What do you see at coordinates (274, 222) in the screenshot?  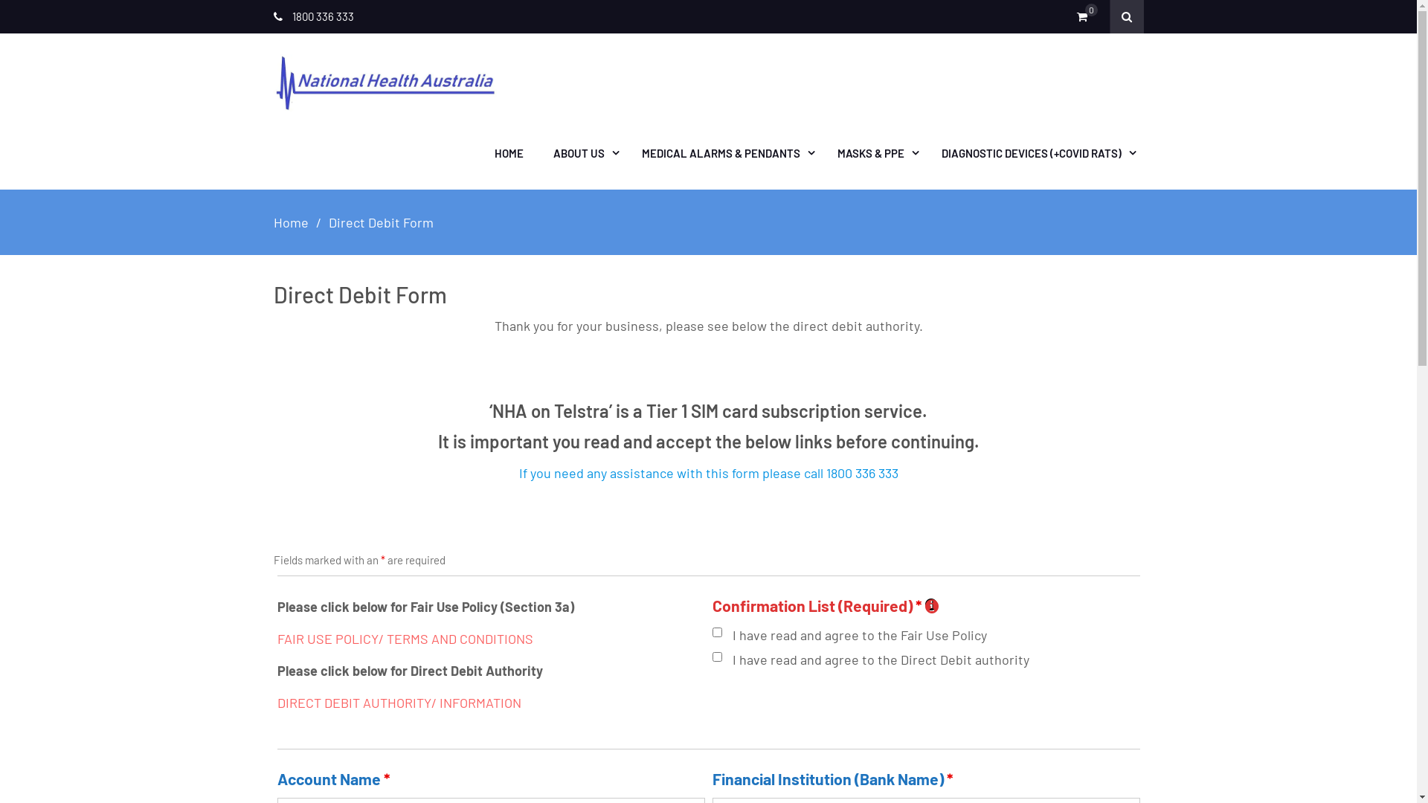 I see `'Home'` at bounding box center [274, 222].